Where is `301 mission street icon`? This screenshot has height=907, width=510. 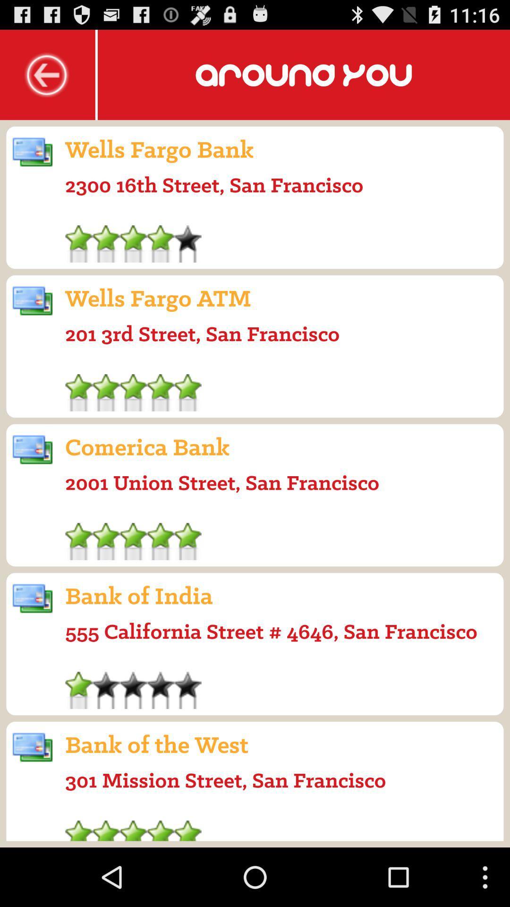 301 mission street icon is located at coordinates (225, 780).